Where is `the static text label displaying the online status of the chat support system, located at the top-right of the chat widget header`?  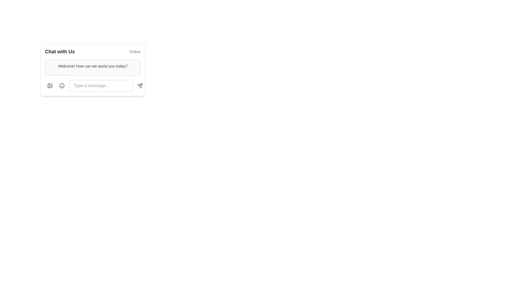
the static text label displaying the online status of the chat support system, located at the top-right of the chat widget header is located at coordinates (135, 51).